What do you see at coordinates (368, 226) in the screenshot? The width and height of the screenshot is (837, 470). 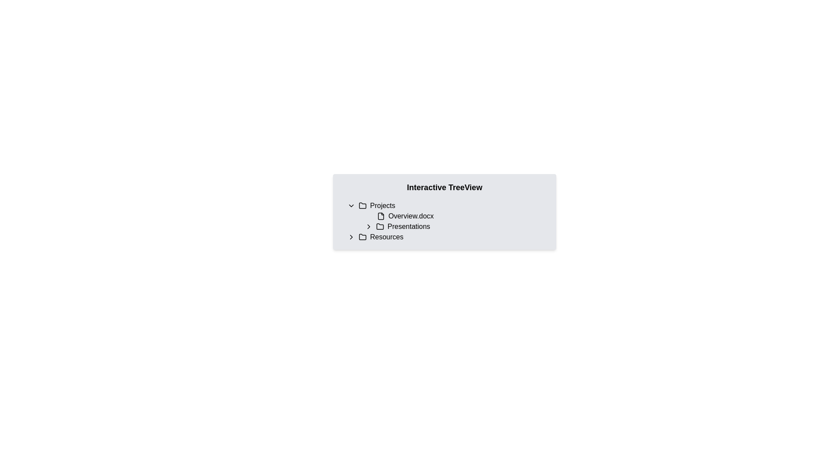 I see `the Expandable control icon (Chevron) located to the left of the 'Presentations' label in the 'Interactive TreeView' section` at bounding box center [368, 226].